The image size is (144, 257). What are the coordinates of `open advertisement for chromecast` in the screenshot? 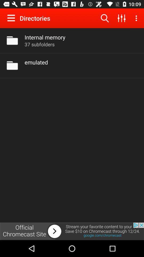 It's located at (72, 231).